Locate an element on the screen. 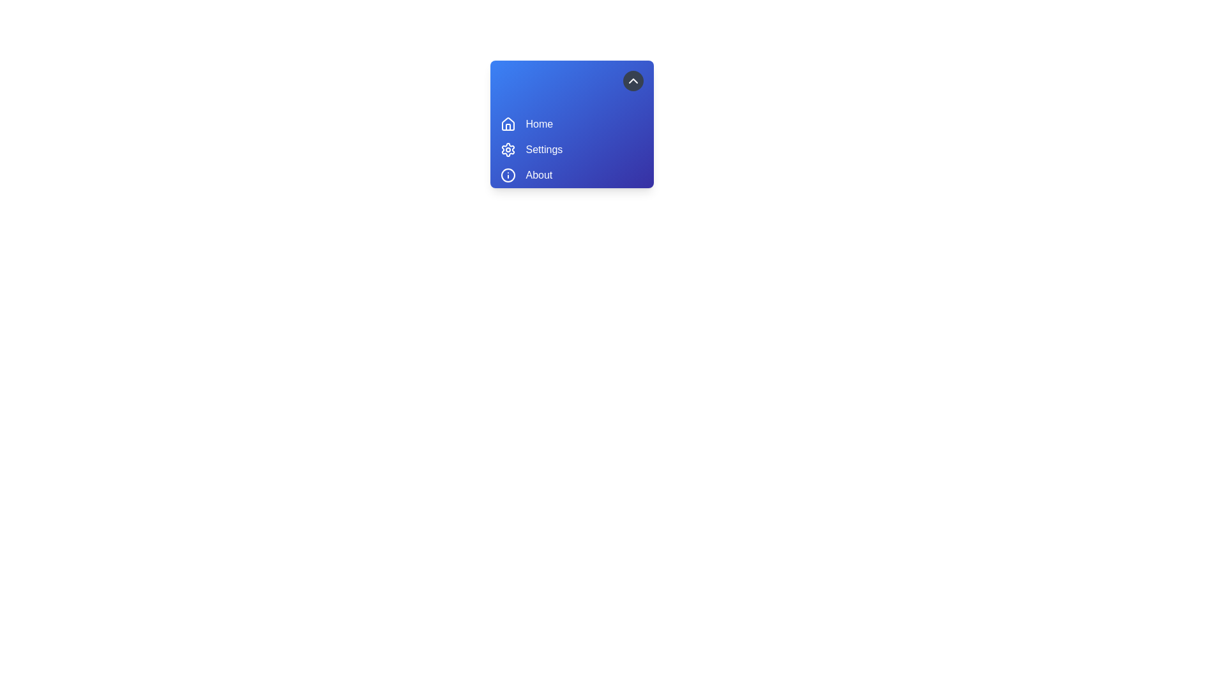 The height and width of the screenshot is (689, 1226). the 'Home' text label, which is the first label in a vertical menu, displayed in white font against a blue background is located at coordinates (539, 124).